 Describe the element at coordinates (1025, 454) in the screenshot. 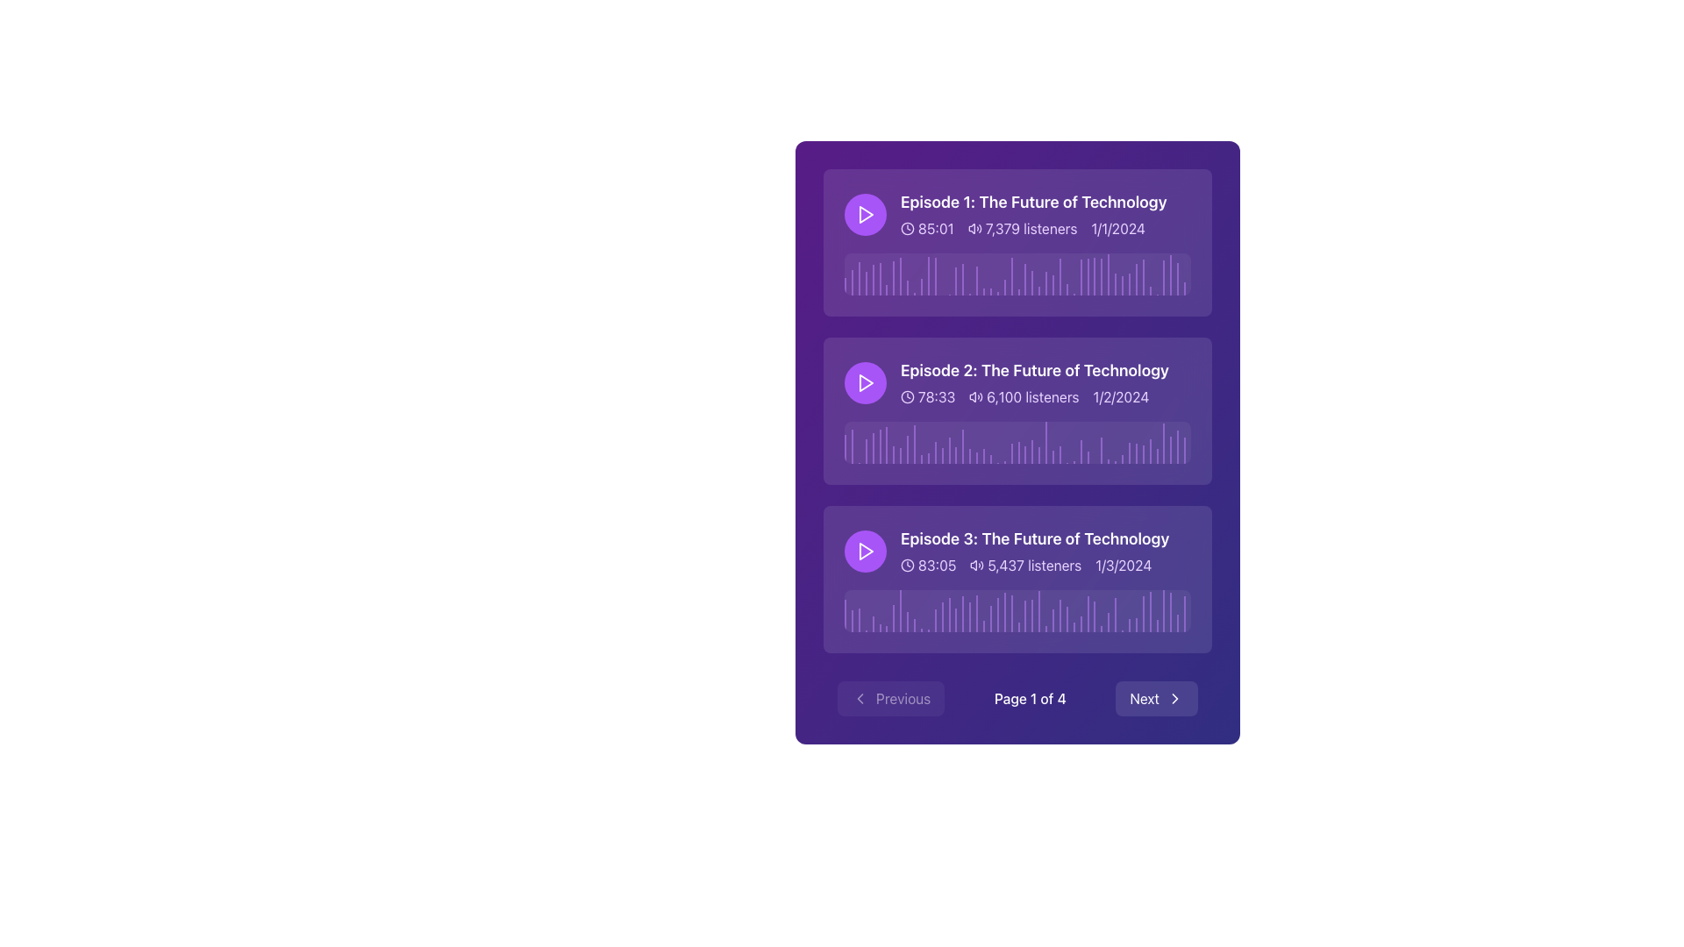

I see `the Progress marker or timeline indicator located in the second row of the list of episodes, specifically positioned as the 27th element from the left within the audio waveform display` at that location.